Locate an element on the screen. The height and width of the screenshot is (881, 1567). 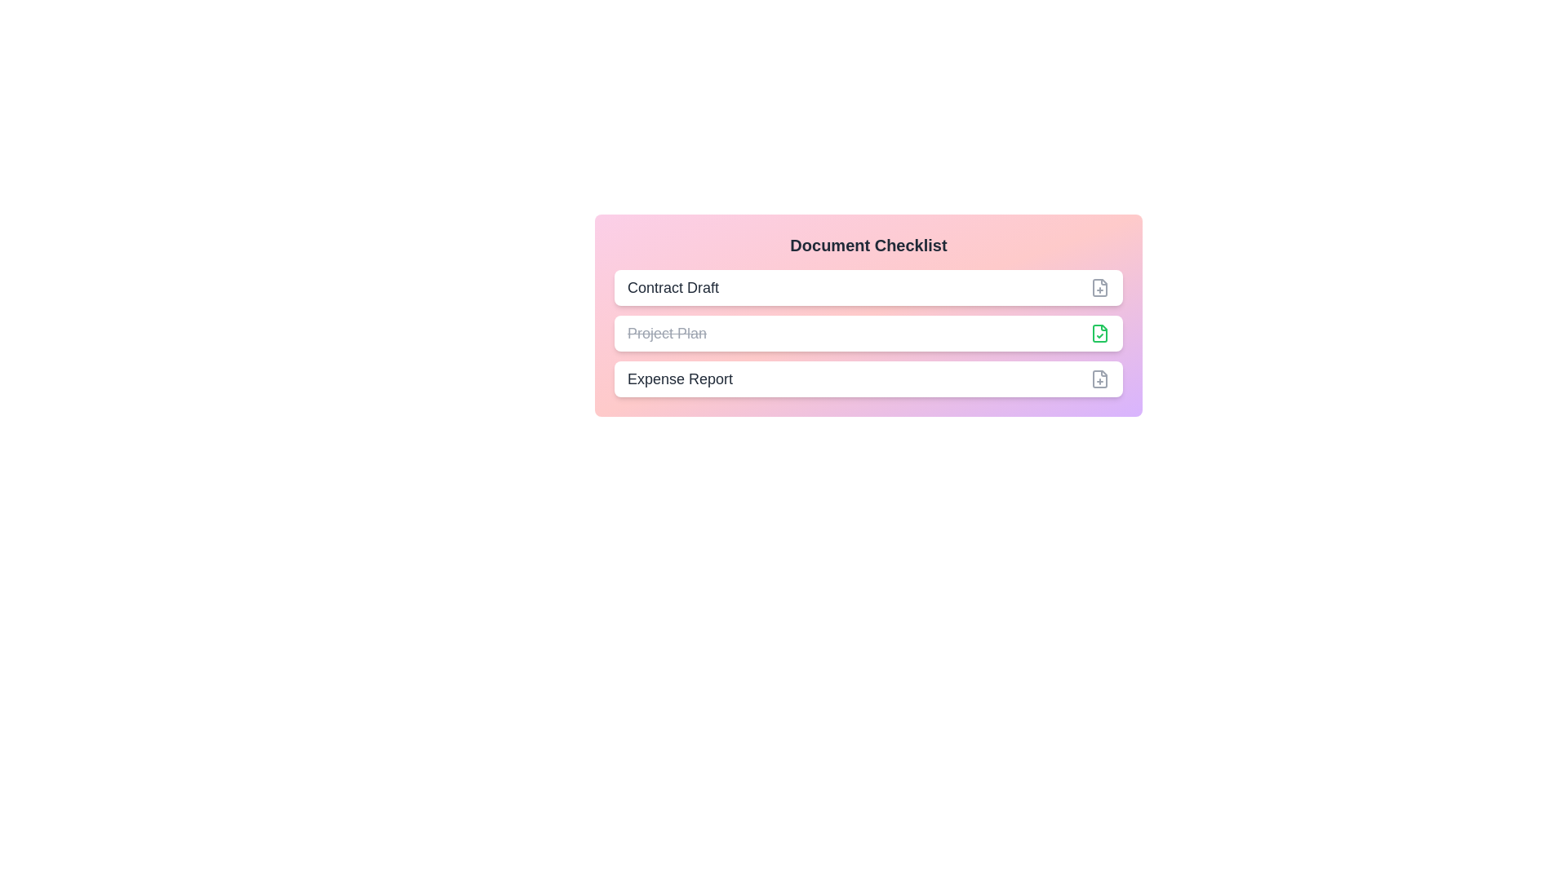
toggle button for the document titled 'Project Plan' to change its completion status is located at coordinates (1100, 332).